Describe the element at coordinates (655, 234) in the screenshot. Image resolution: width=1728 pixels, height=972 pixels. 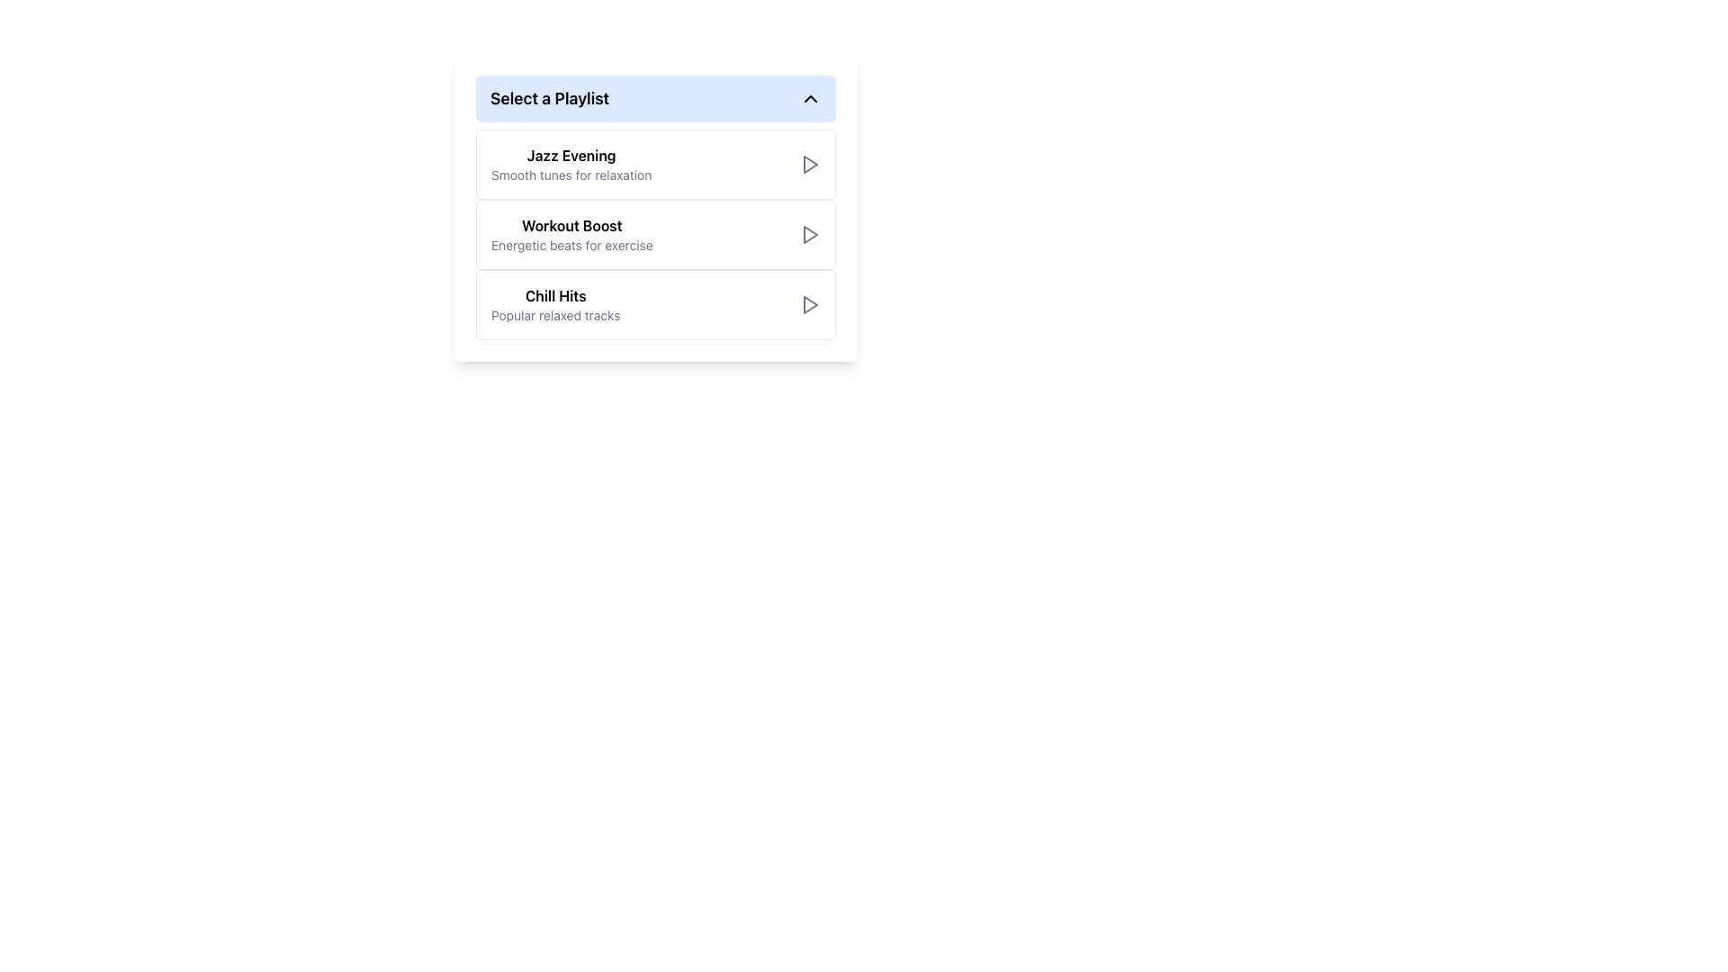
I see `the selectable playlist entry labeled 'Workout Boost'` at that location.